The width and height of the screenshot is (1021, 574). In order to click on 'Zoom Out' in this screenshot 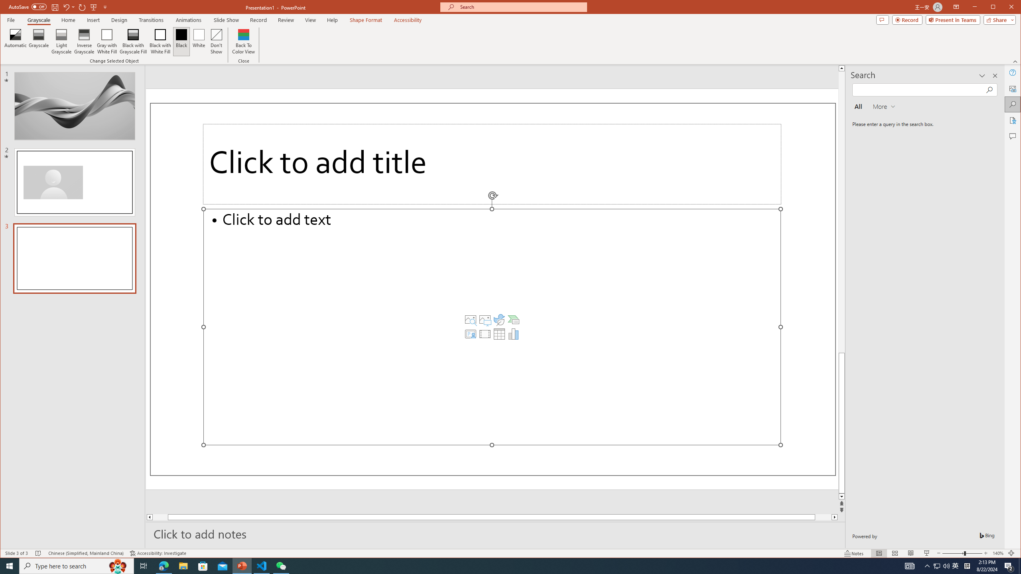, I will do `click(952, 553)`.